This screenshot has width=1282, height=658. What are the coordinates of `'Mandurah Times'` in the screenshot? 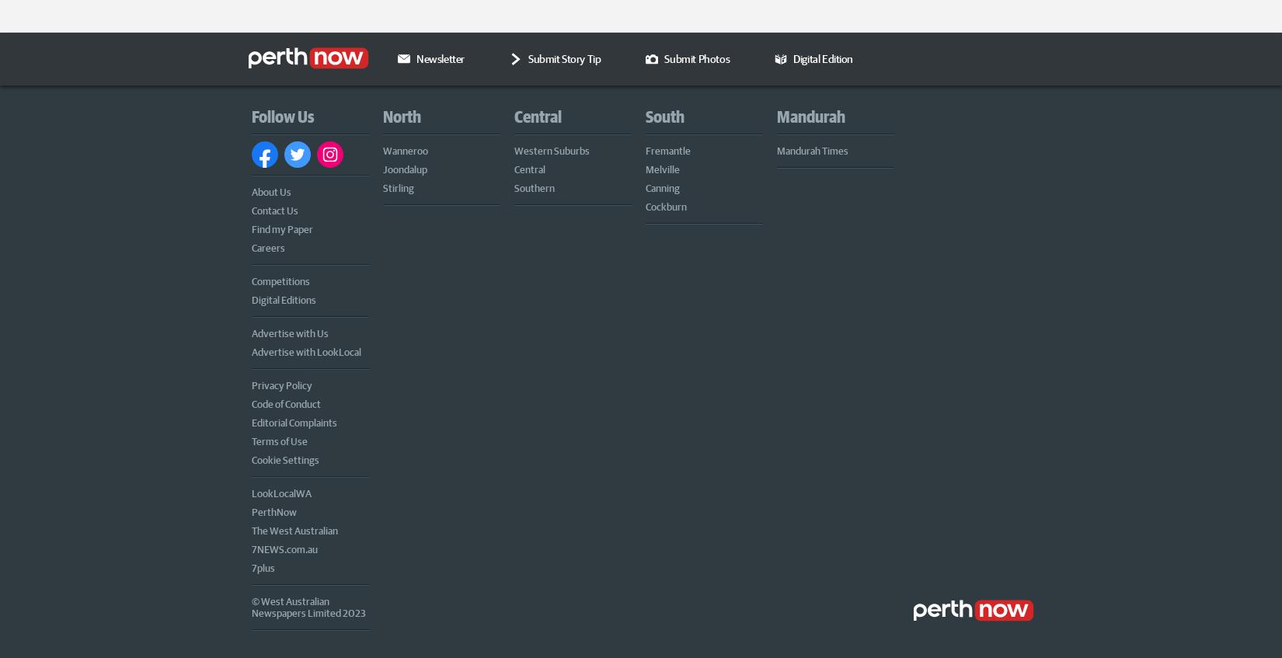 It's located at (811, 148).